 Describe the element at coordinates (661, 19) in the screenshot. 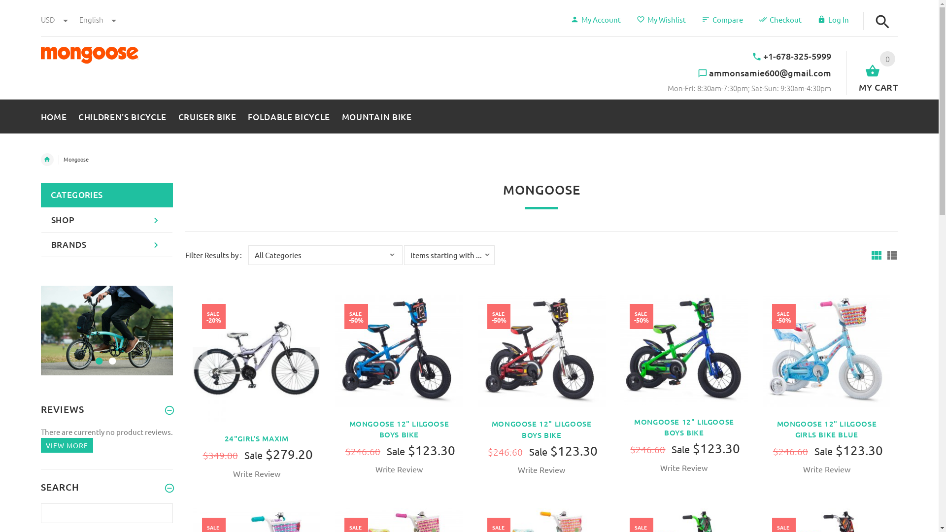

I see `'My Wishlist'` at that location.